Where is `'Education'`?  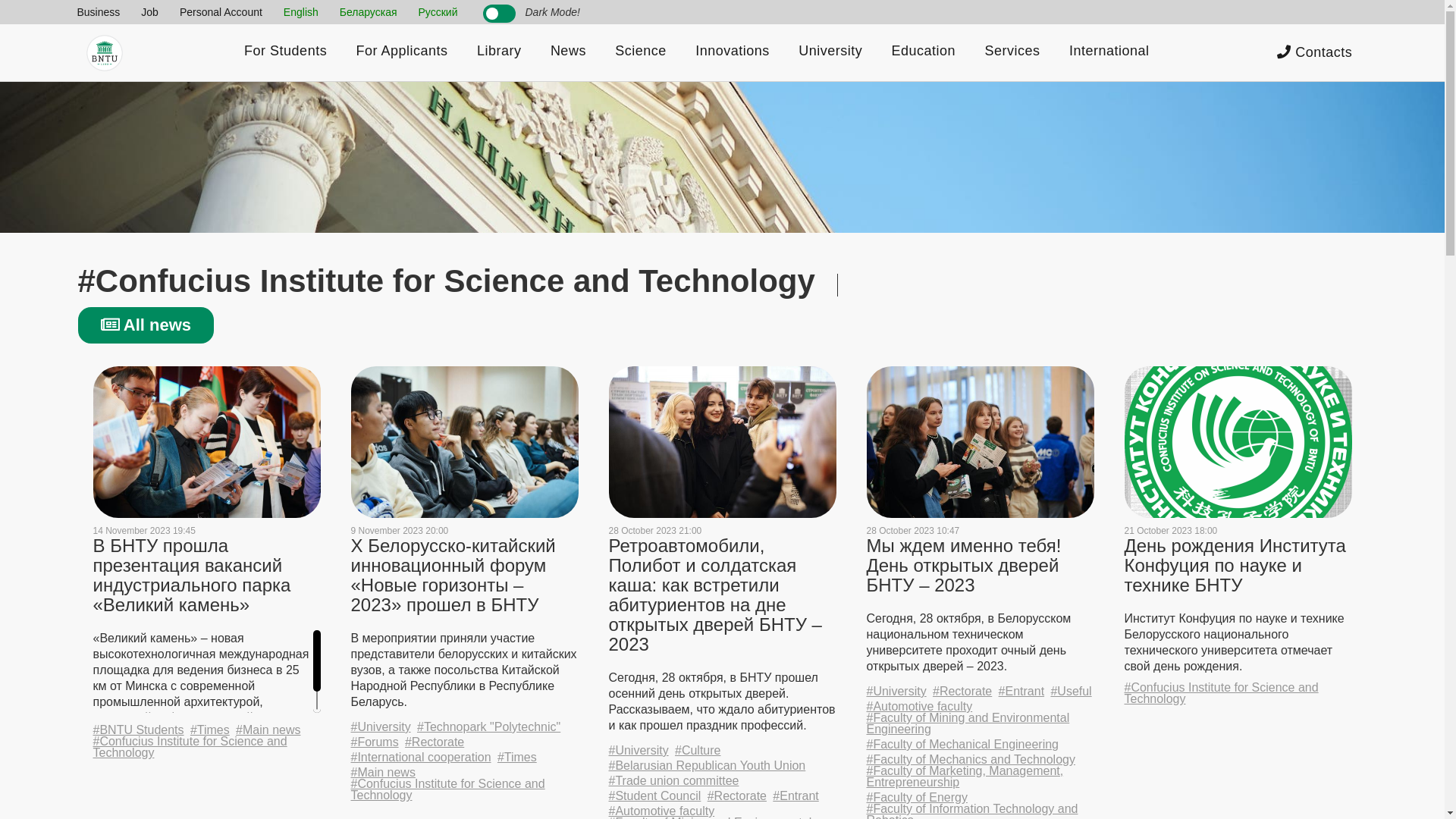 'Education' is located at coordinates (922, 52).